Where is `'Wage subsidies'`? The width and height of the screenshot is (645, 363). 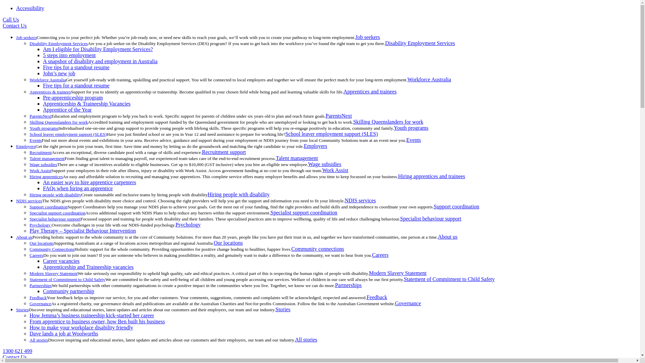
'Wage subsidies' is located at coordinates (307, 164).